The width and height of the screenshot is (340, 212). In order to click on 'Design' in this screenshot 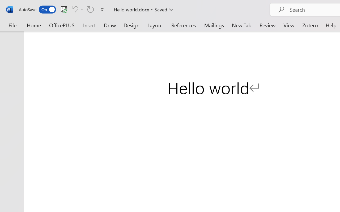, I will do `click(131, 25)`.